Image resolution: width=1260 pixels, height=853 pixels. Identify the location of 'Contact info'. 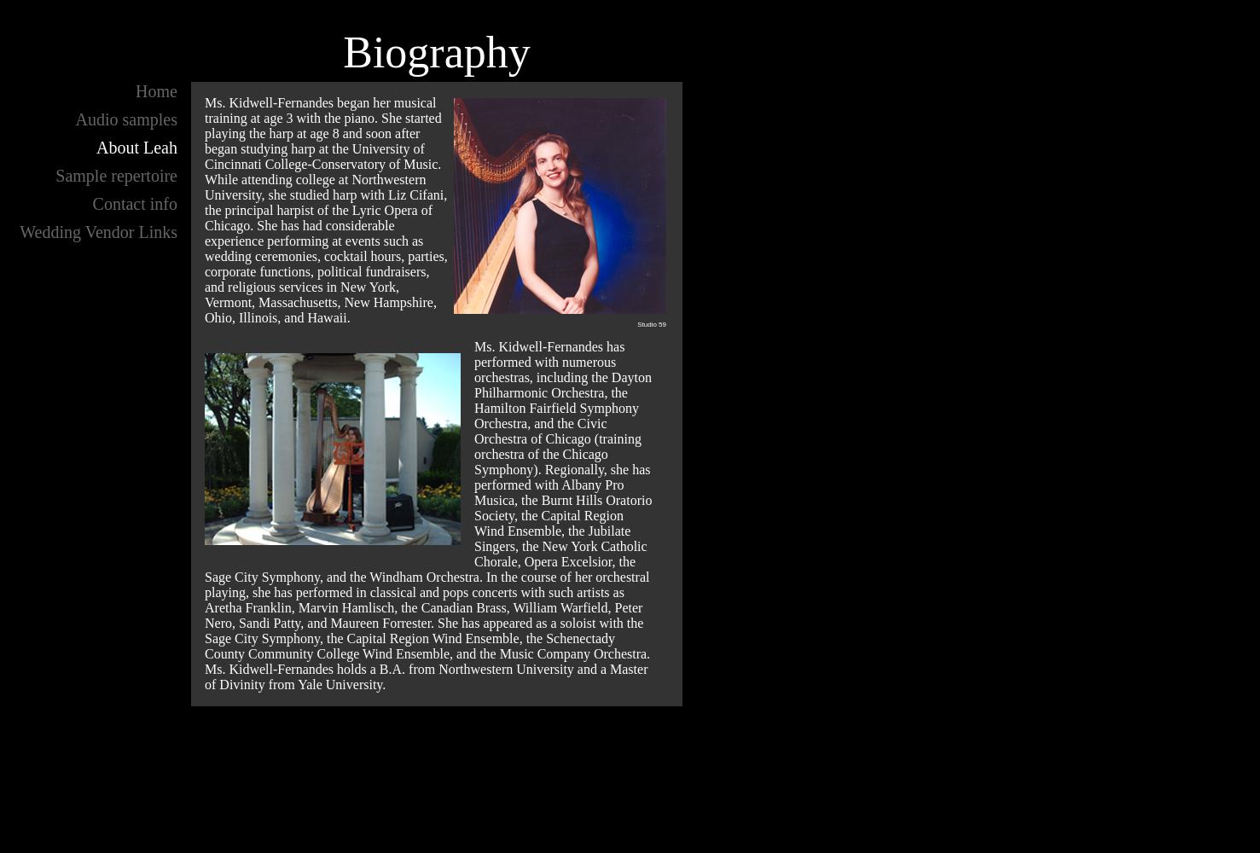
(134, 203).